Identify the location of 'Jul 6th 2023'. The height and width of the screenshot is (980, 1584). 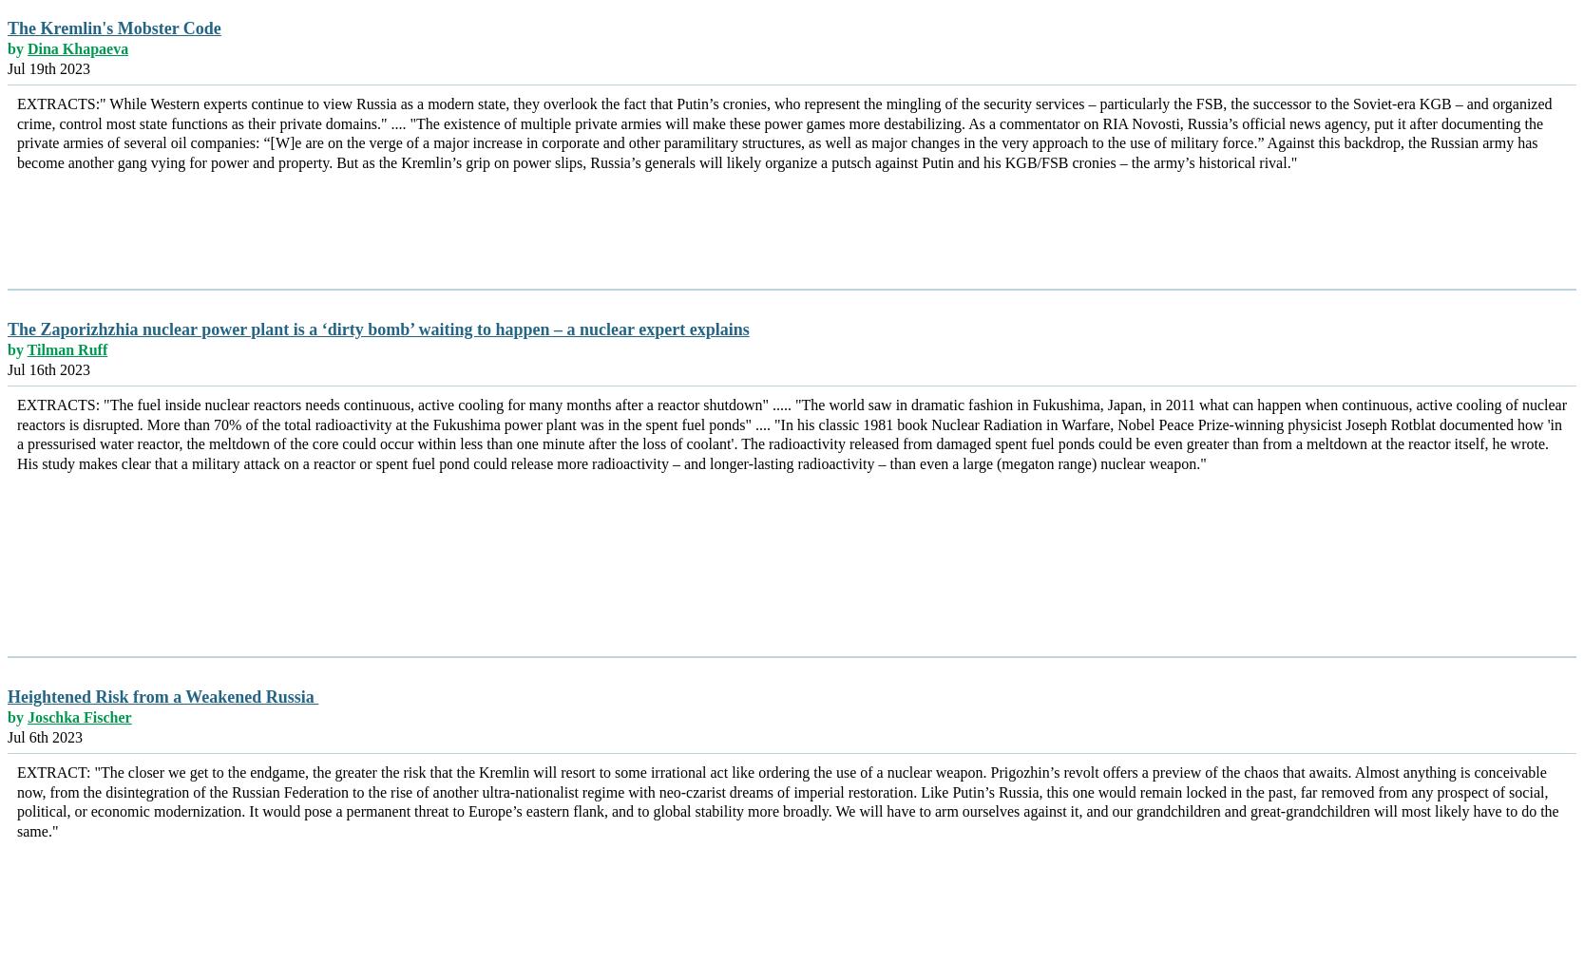
(45, 736).